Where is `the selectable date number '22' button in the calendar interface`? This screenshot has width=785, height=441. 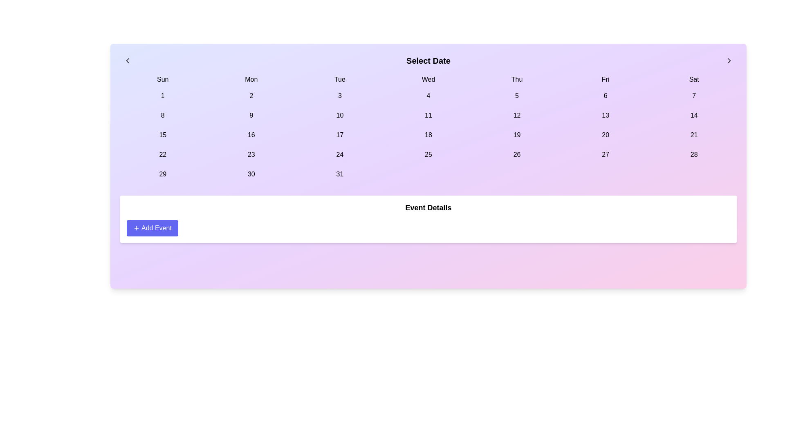 the selectable date number '22' button in the calendar interface is located at coordinates (163, 154).